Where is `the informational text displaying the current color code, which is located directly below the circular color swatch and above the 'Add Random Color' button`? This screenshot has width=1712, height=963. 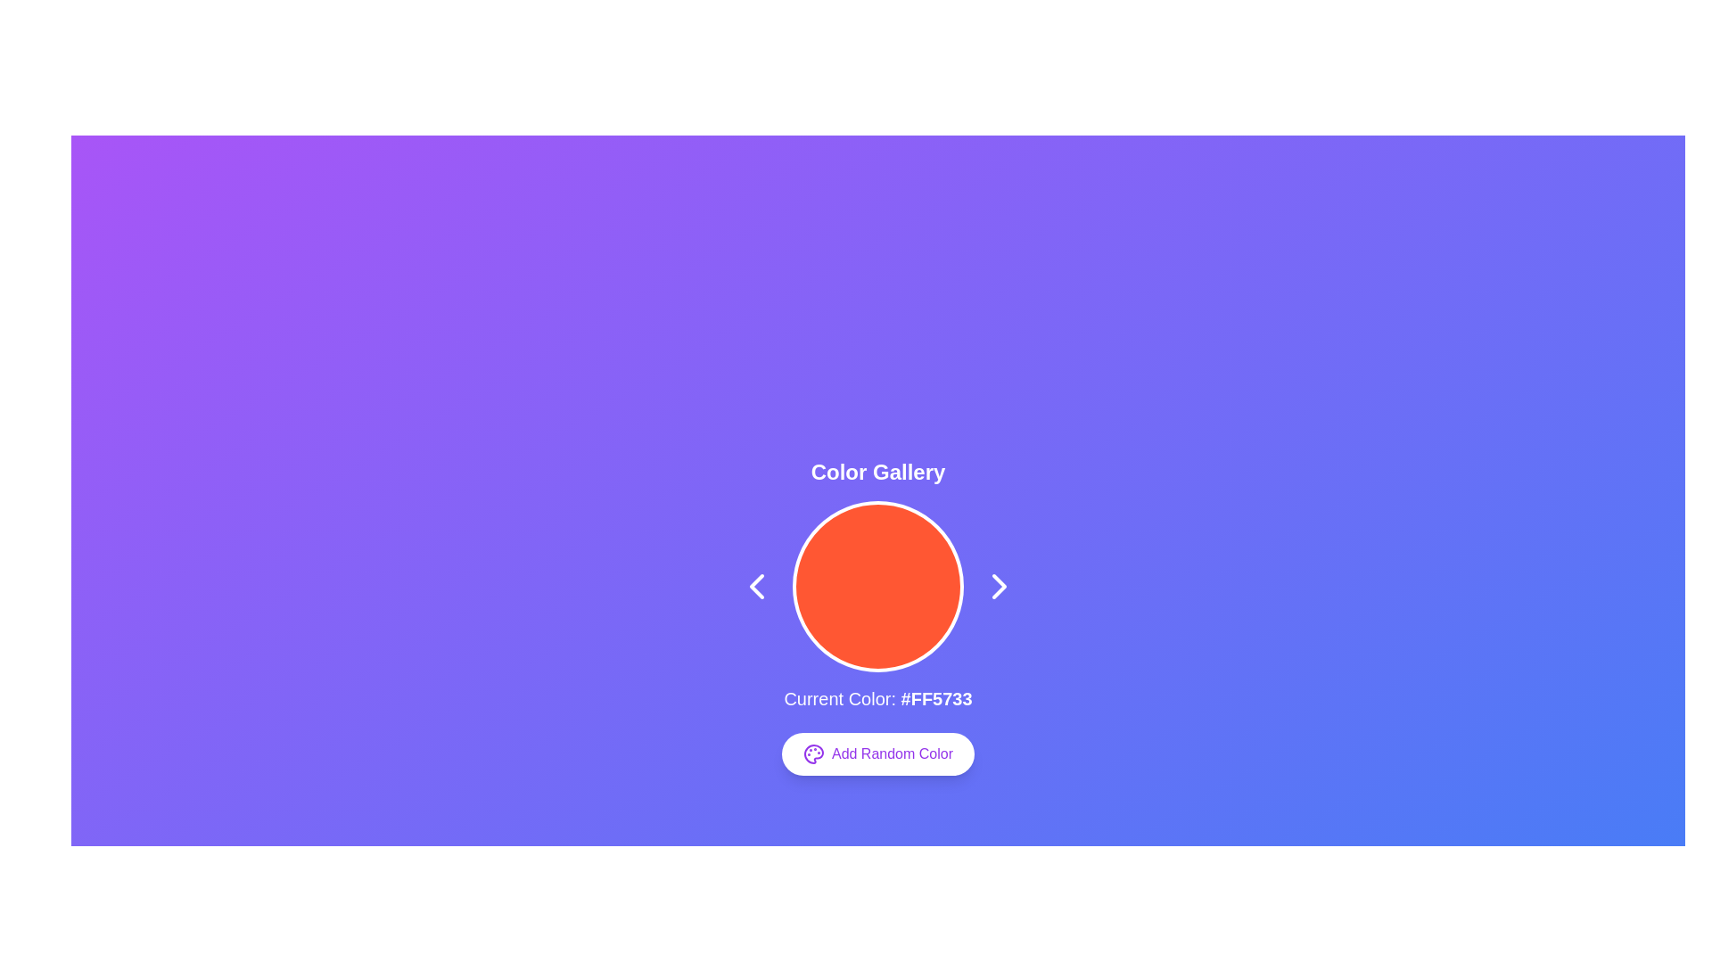 the informational text displaying the current color code, which is located directly below the circular color swatch and above the 'Add Random Color' button is located at coordinates (877, 697).